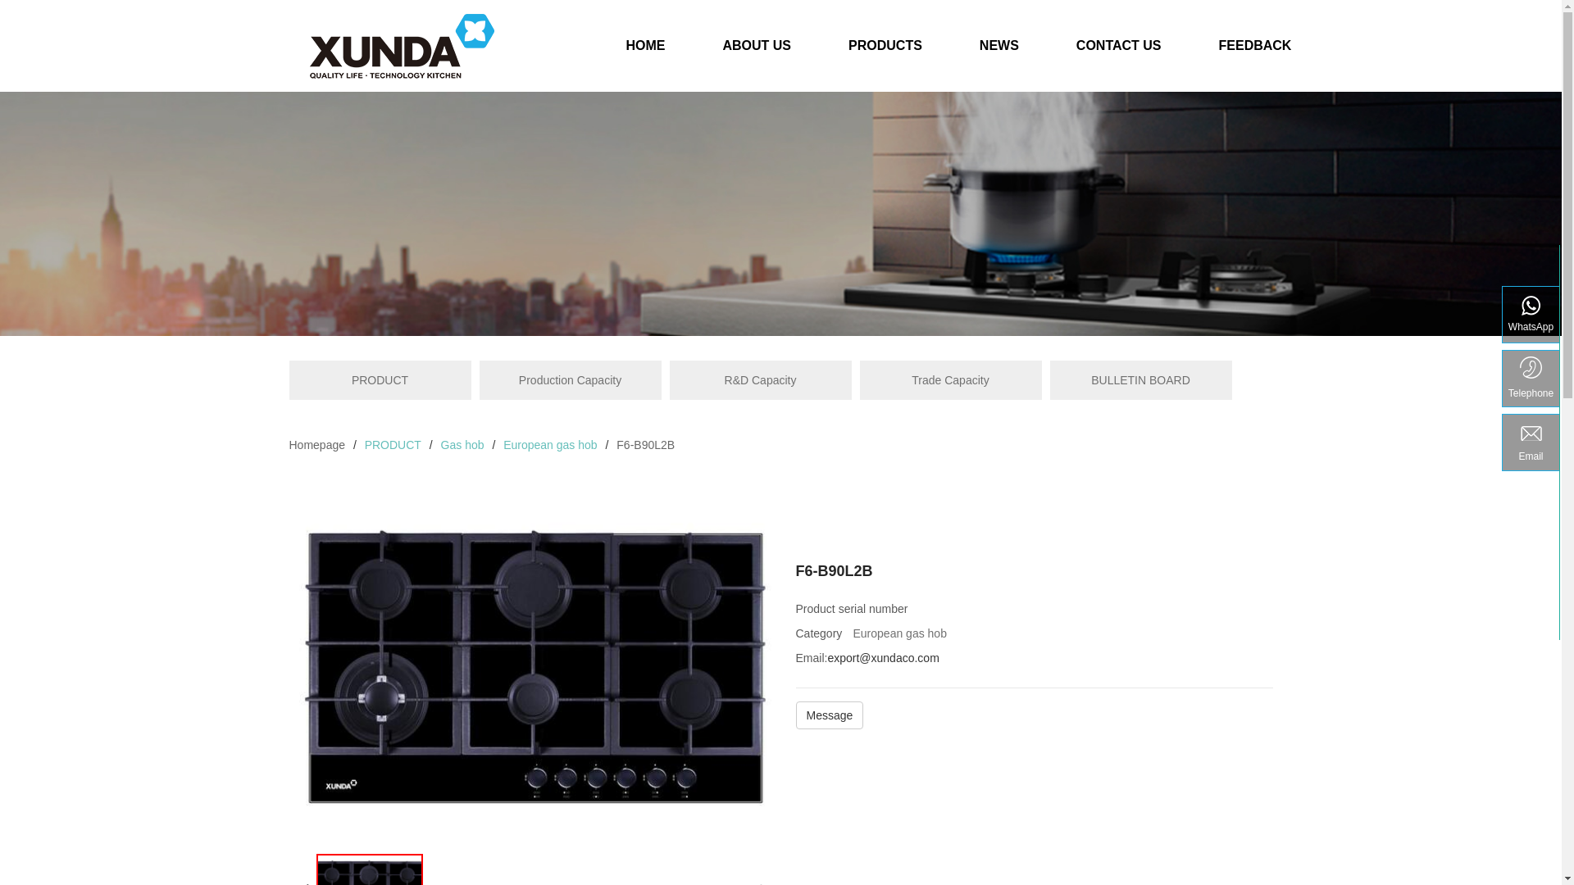 The height and width of the screenshot is (885, 1574). What do you see at coordinates (1530, 442) in the screenshot?
I see `'Email'` at bounding box center [1530, 442].